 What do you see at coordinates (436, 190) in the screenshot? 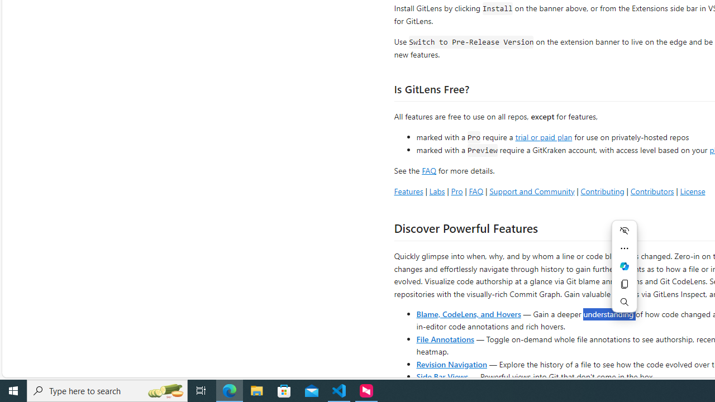
I see `'Labs'` at bounding box center [436, 190].